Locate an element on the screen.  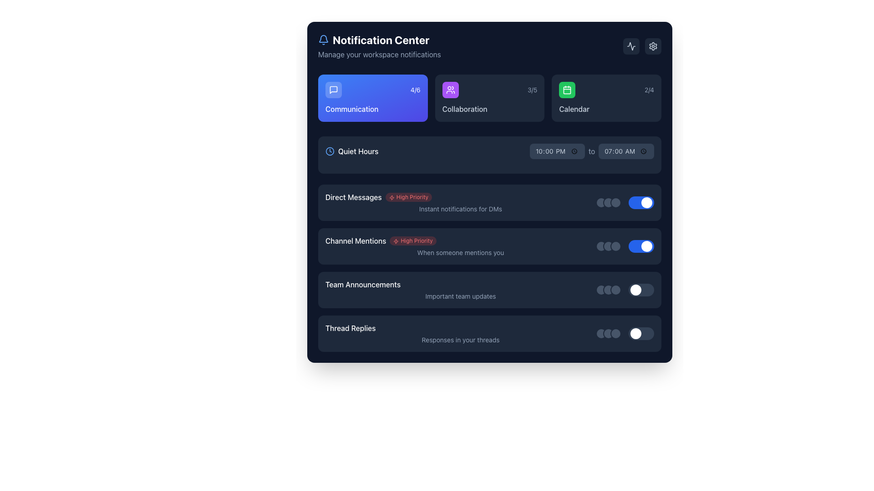
the cluster of indicators located to the left of the 'Thread Replies' toggle switch in the bottom section of the notification center interface is located at coordinates (609, 333).